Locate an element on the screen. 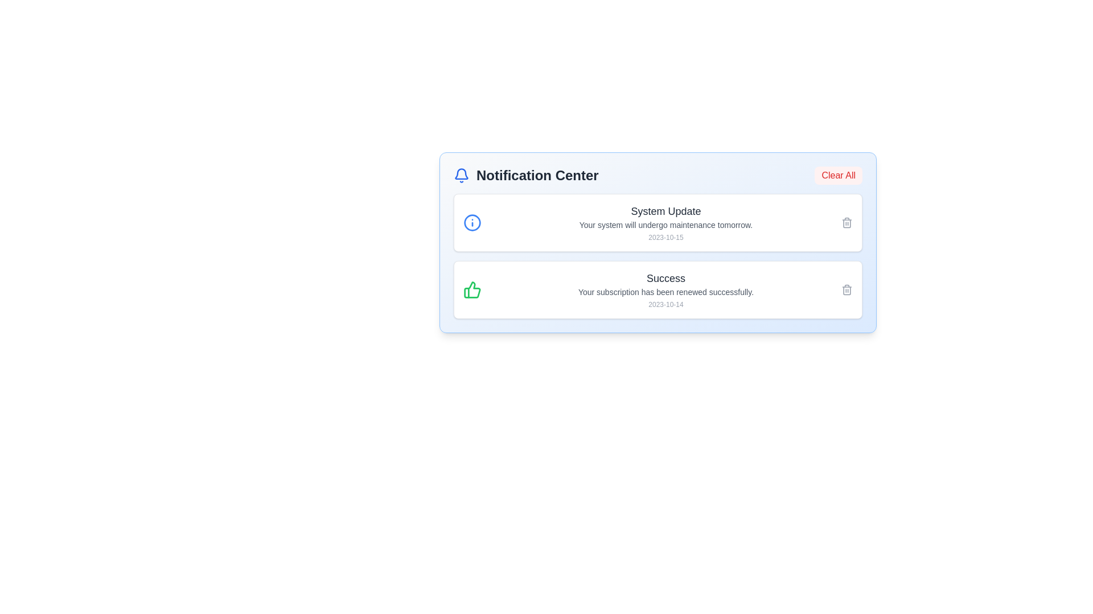 This screenshot has height=614, width=1093. the first notification card in the Notification Center that has a white background and contains the title 'System Update' is located at coordinates (658, 223).